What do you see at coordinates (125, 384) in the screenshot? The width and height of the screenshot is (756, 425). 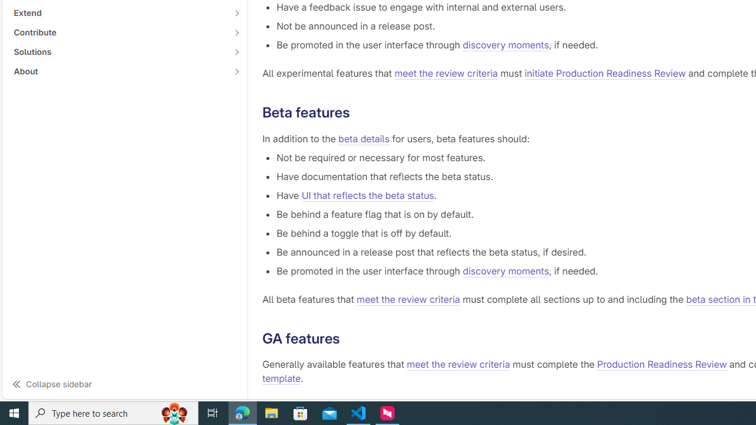 I see `'Collapse sidebar'` at bounding box center [125, 384].